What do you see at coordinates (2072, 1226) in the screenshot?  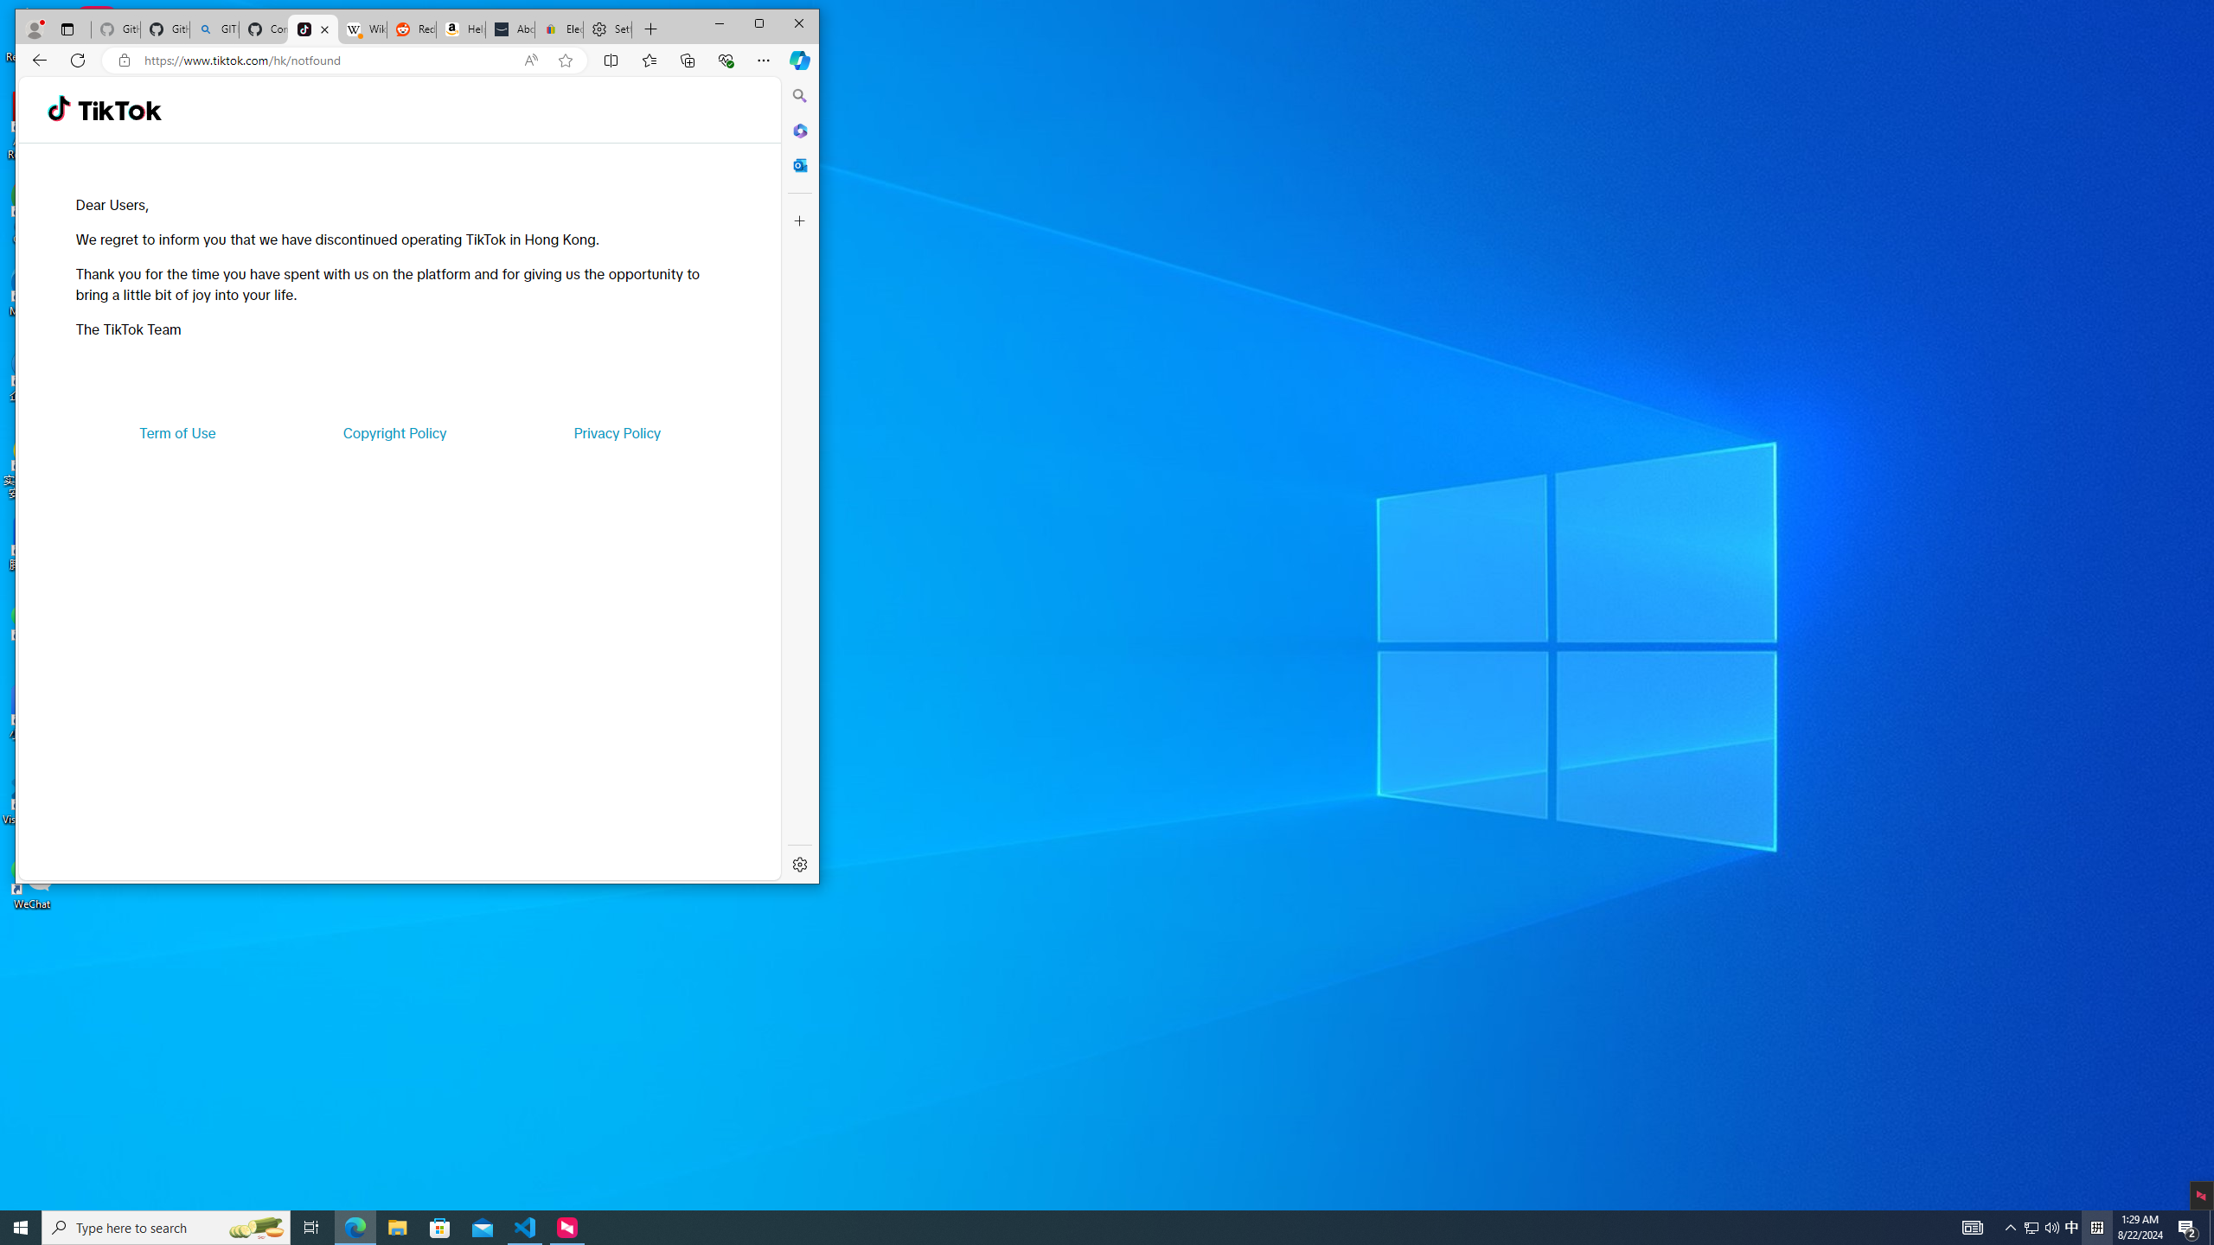 I see `'AutomationID: 4105'` at bounding box center [2072, 1226].